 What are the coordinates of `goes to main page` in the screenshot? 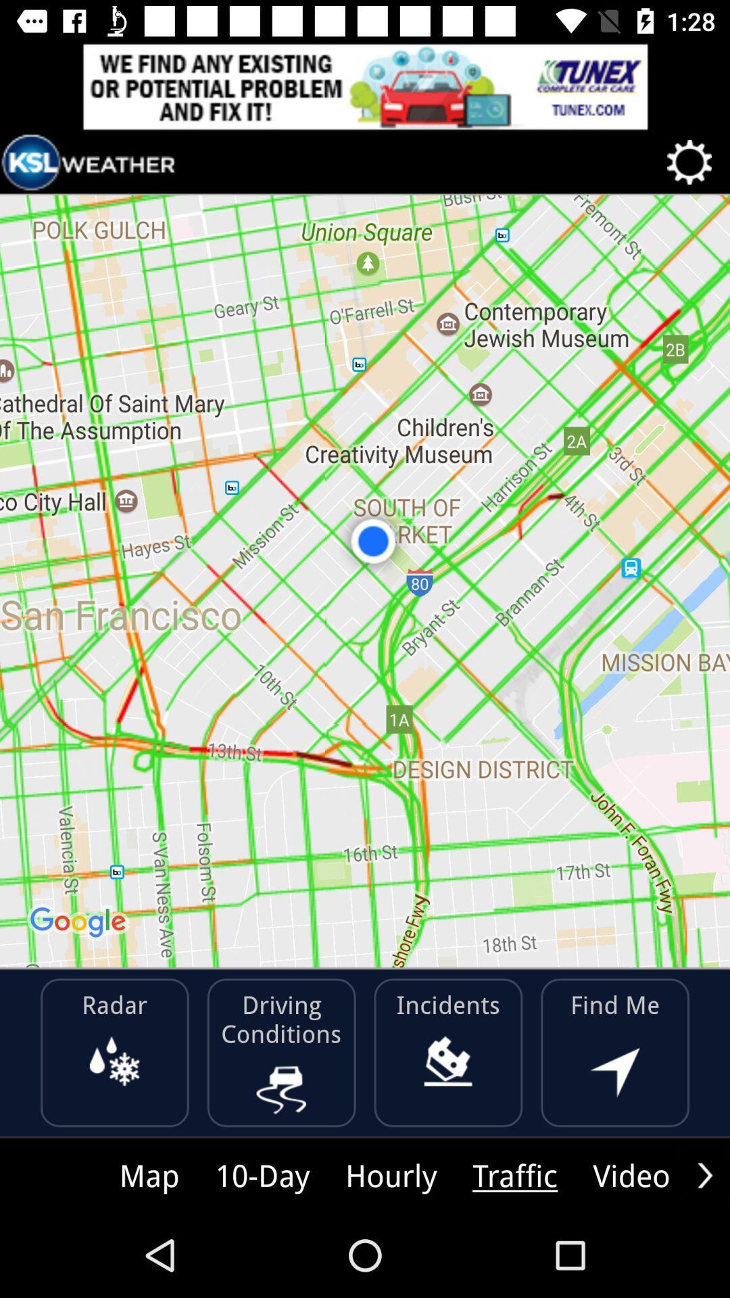 It's located at (89, 162).